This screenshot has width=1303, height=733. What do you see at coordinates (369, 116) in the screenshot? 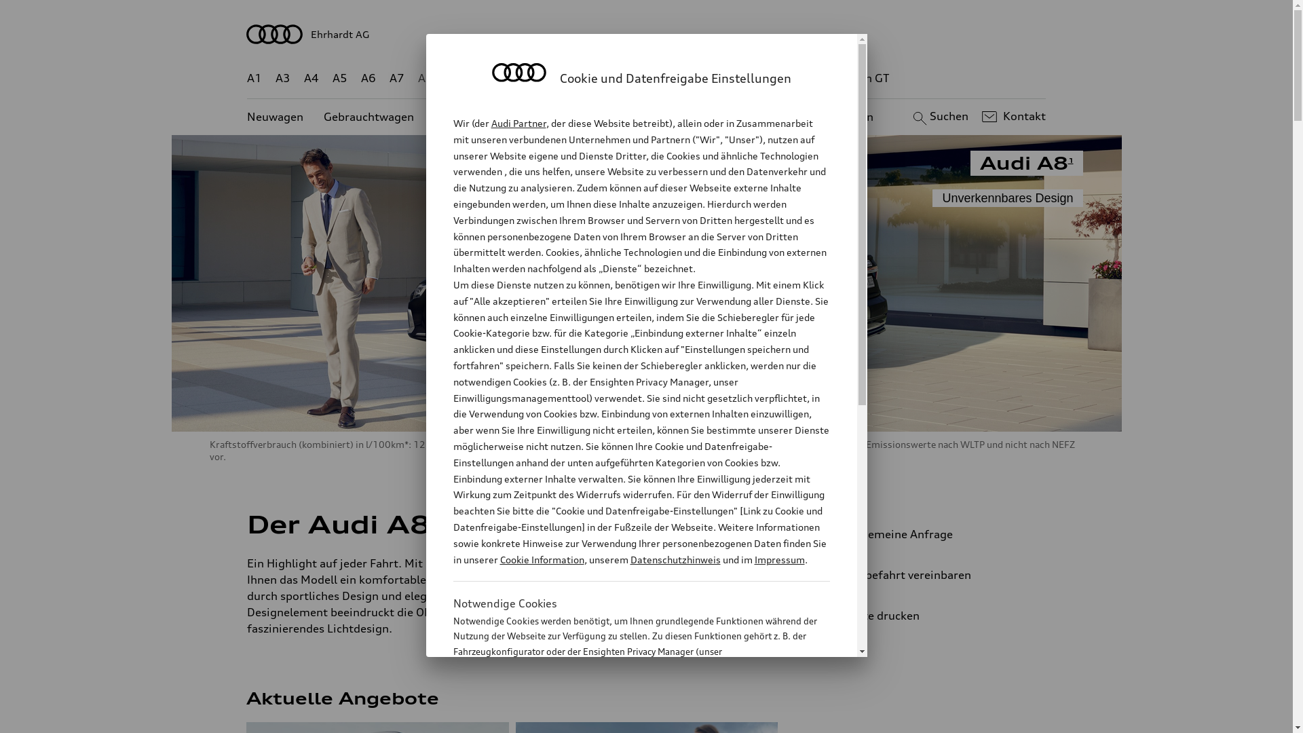
I see `'Gebrauchtwagen'` at bounding box center [369, 116].